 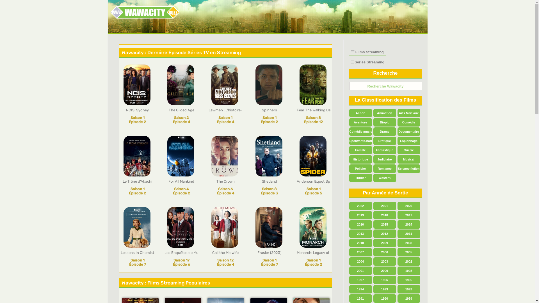 What do you see at coordinates (384, 215) in the screenshot?
I see `'2018'` at bounding box center [384, 215].